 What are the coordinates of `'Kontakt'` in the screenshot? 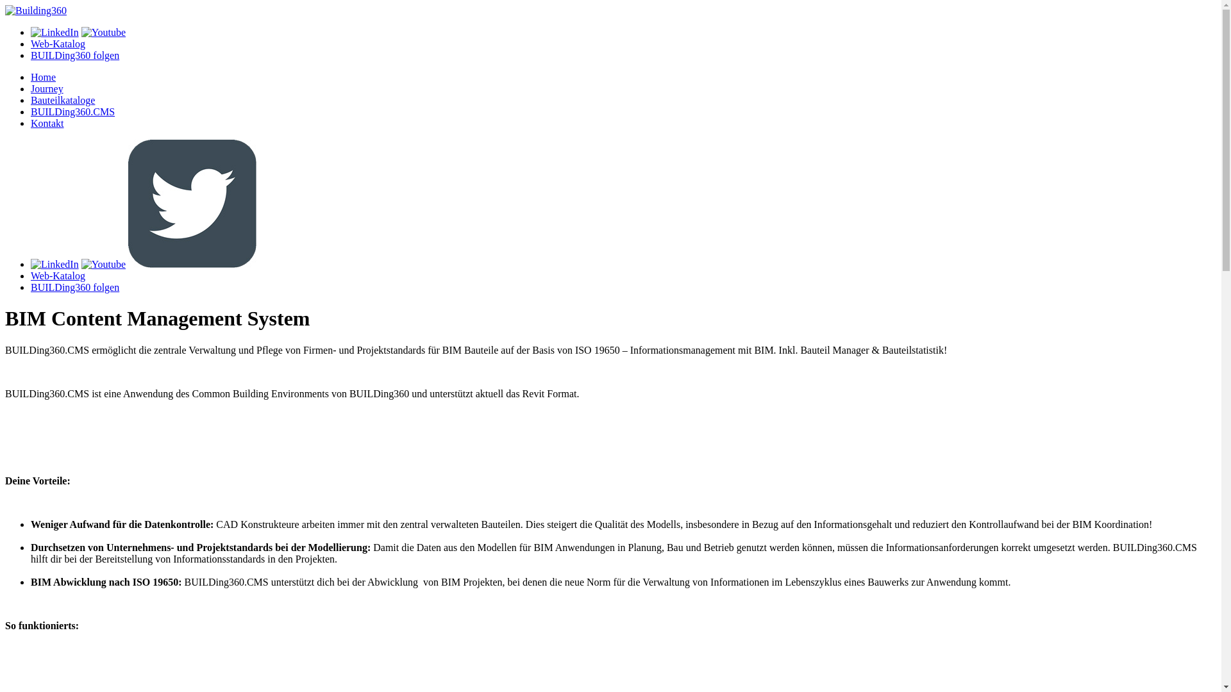 It's located at (47, 123).